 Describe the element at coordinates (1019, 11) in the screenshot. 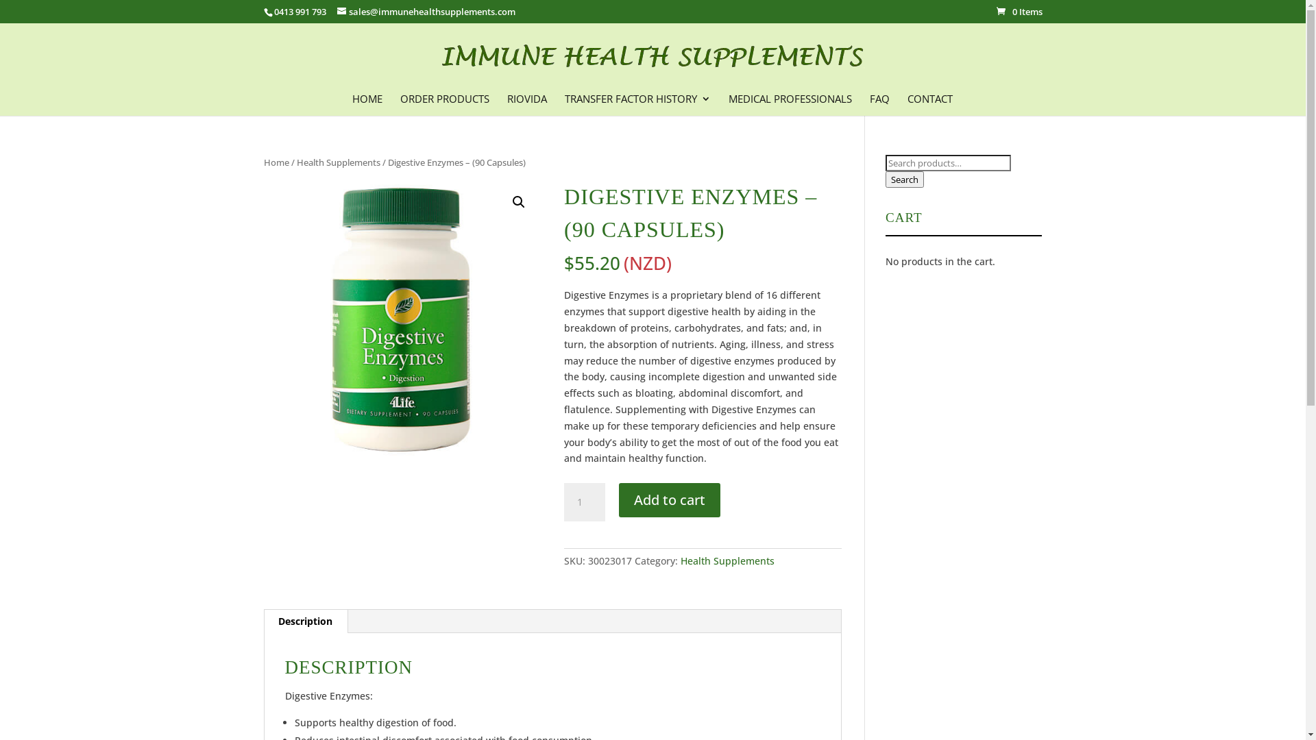

I see `'0 Items'` at that location.